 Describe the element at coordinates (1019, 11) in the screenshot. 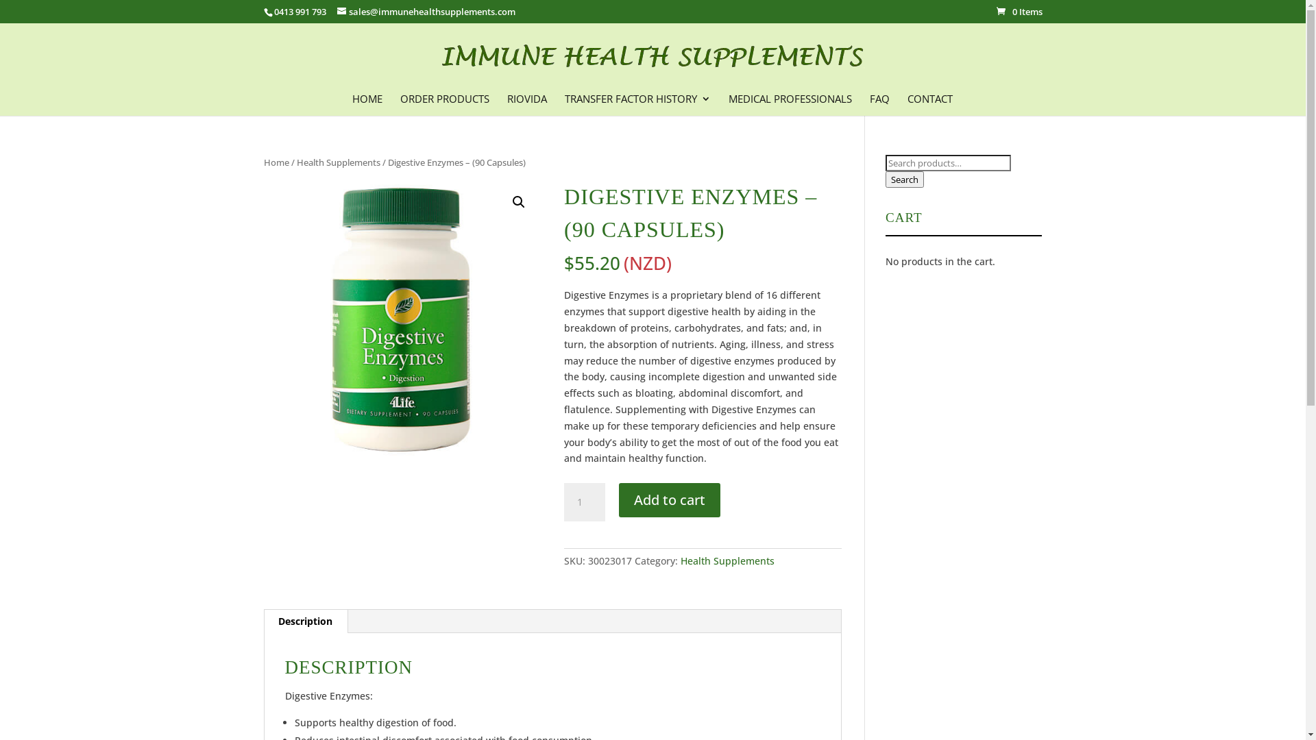

I see `'0 Items'` at that location.